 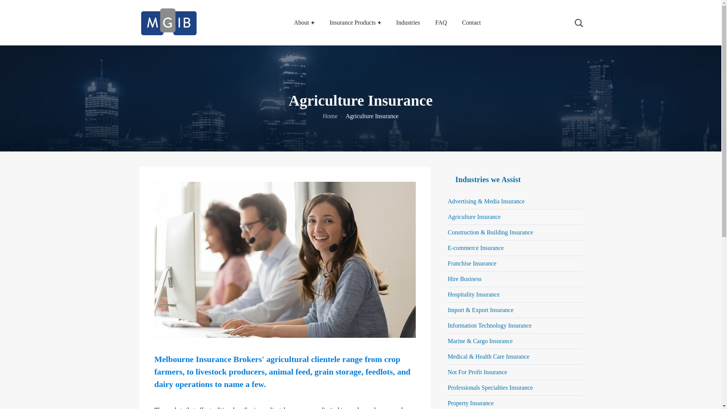 I want to click on 'Contact', so click(x=471, y=22).